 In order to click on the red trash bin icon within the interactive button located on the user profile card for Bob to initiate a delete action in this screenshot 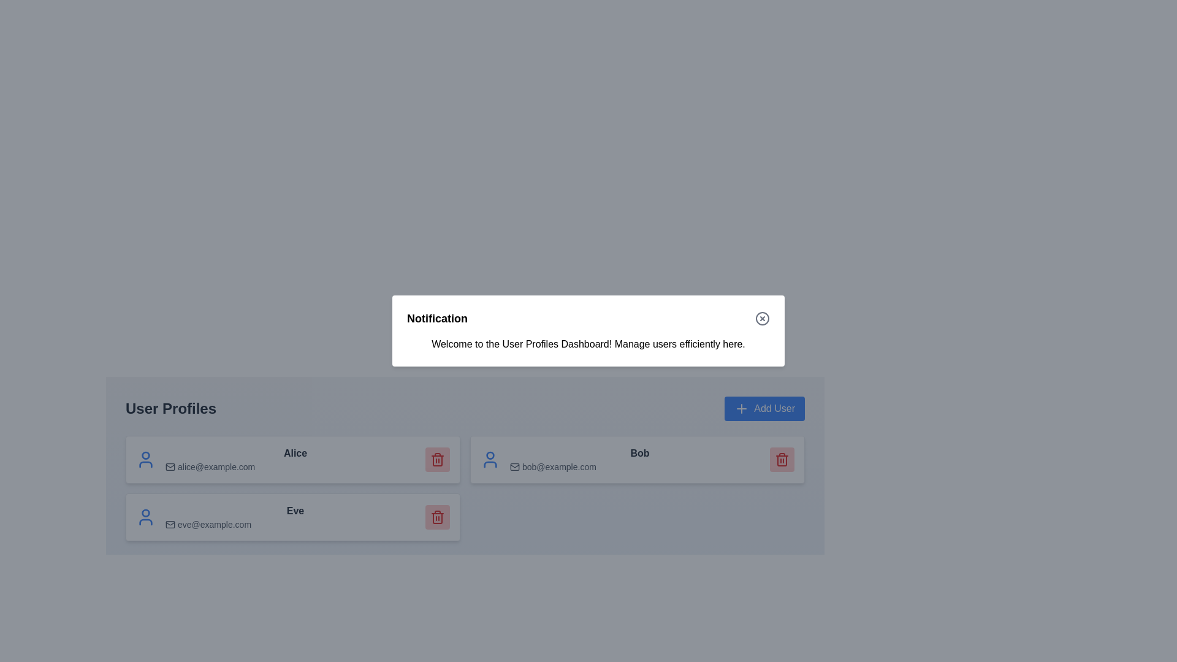, I will do `click(782, 459)`.